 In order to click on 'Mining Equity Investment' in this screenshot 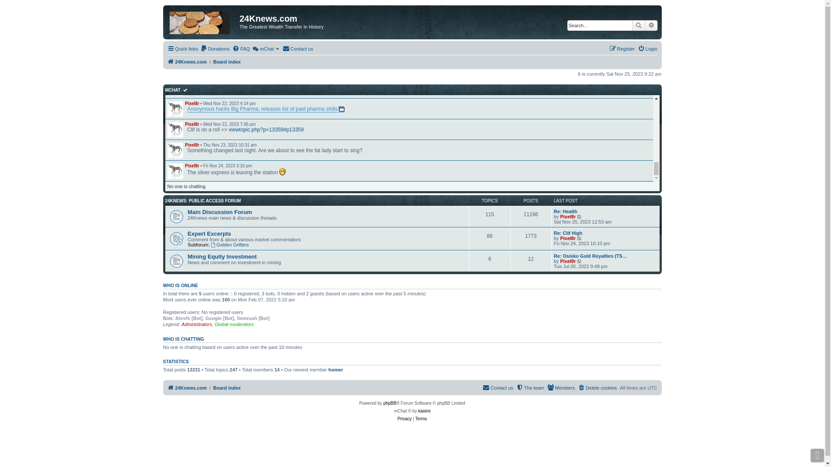, I will do `click(222, 256)`.